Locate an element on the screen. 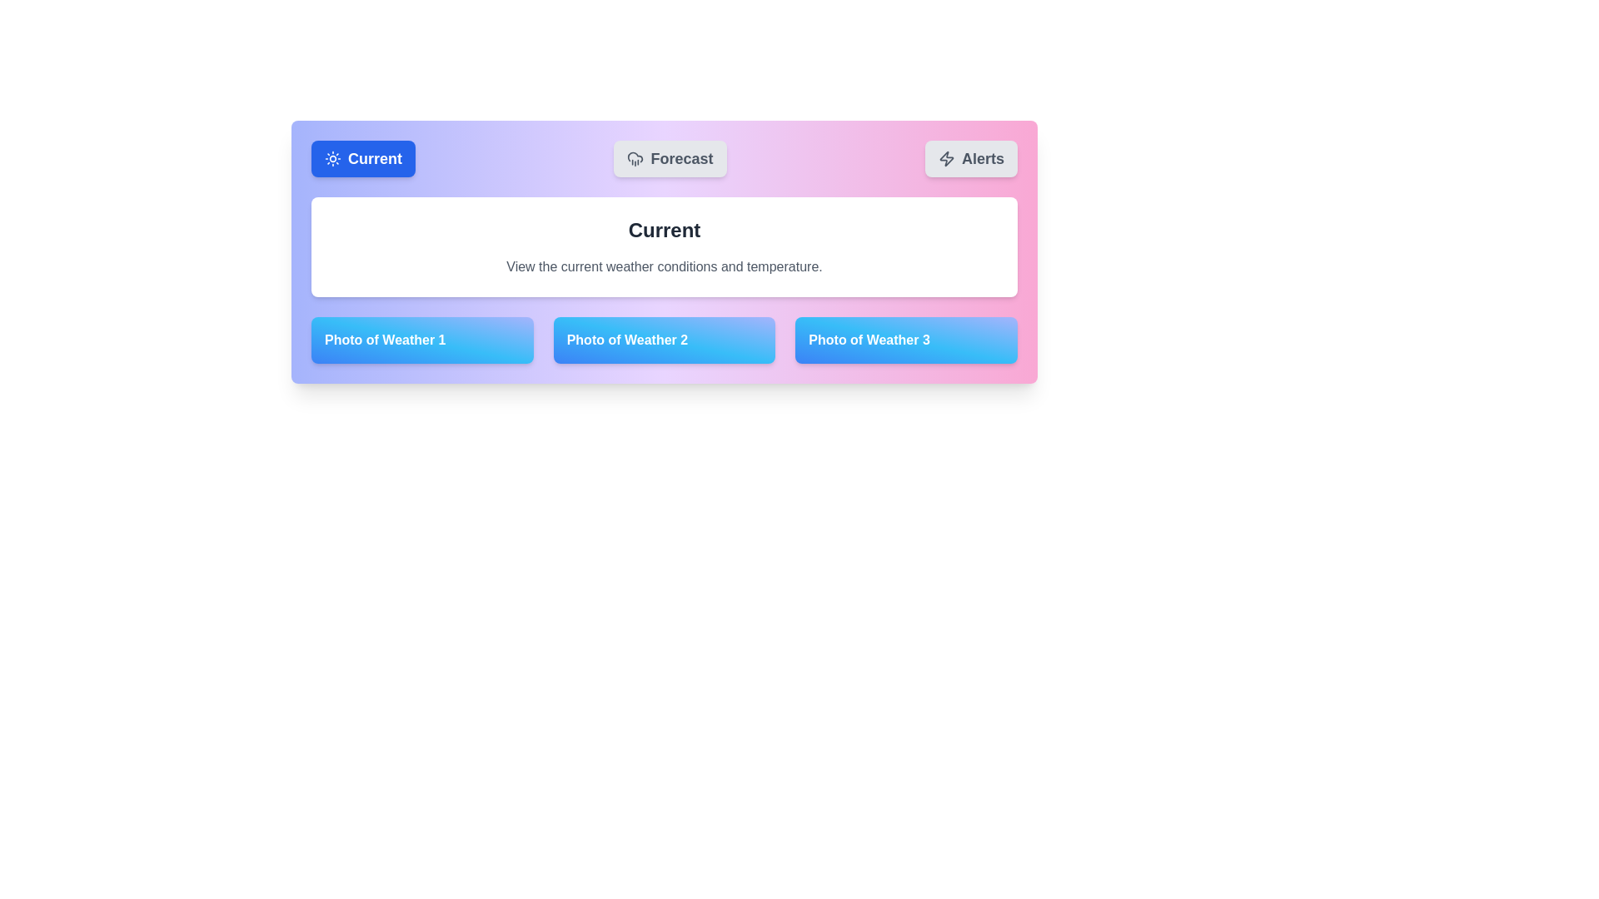  the 'Alerts' button, which is located on the far right of the top navigation bar and includes an icon indicating notifications or messages is located at coordinates (947, 159).